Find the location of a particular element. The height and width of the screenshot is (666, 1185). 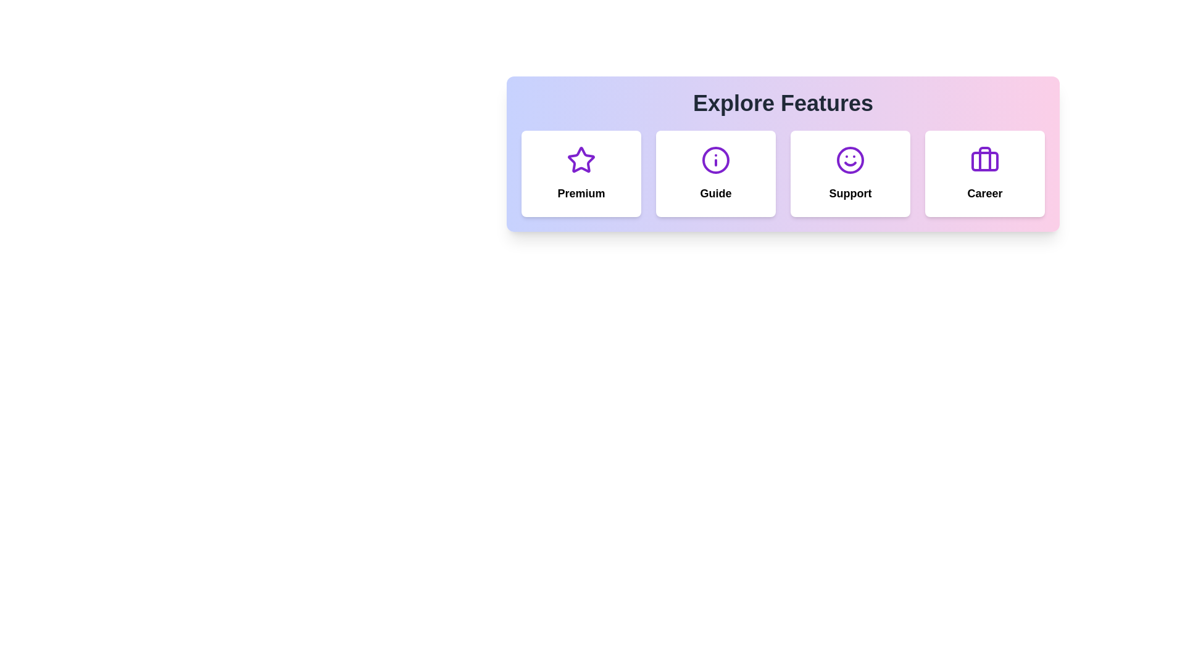

the 'Career' icon located at the center of the rightmost card in the horizontal row of cards for navigation or information is located at coordinates (984, 159).